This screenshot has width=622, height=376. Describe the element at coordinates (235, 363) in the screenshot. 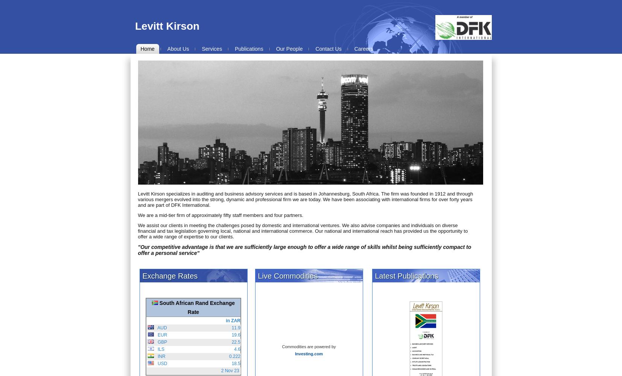

I see `'18.5'` at that location.